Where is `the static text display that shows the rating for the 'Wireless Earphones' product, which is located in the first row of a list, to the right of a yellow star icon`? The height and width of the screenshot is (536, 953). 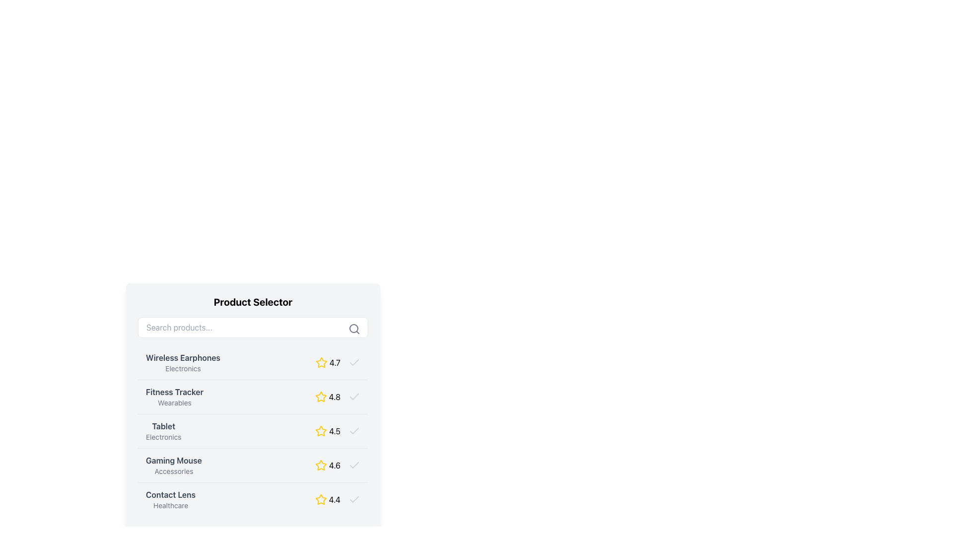 the static text display that shows the rating for the 'Wireless Earphones' product, which is located in the first row of a list, to the right of a yellow star icon is located at coordinates (335, 363).